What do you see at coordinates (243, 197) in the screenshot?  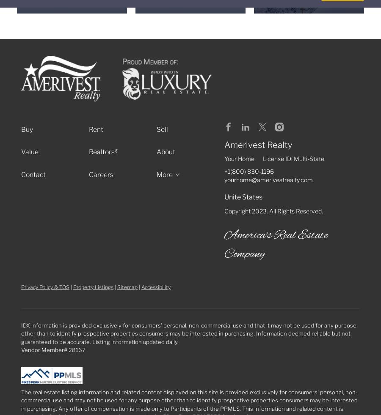 I see `'Unite States'` at bounding box center [243, 197].